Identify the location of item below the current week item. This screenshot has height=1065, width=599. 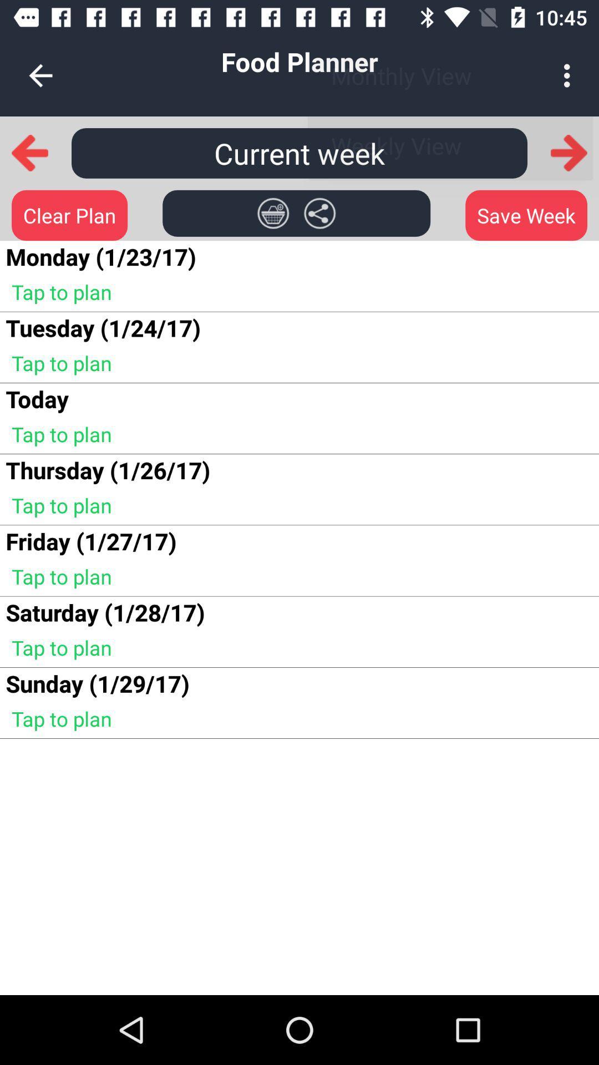
(319, 213).